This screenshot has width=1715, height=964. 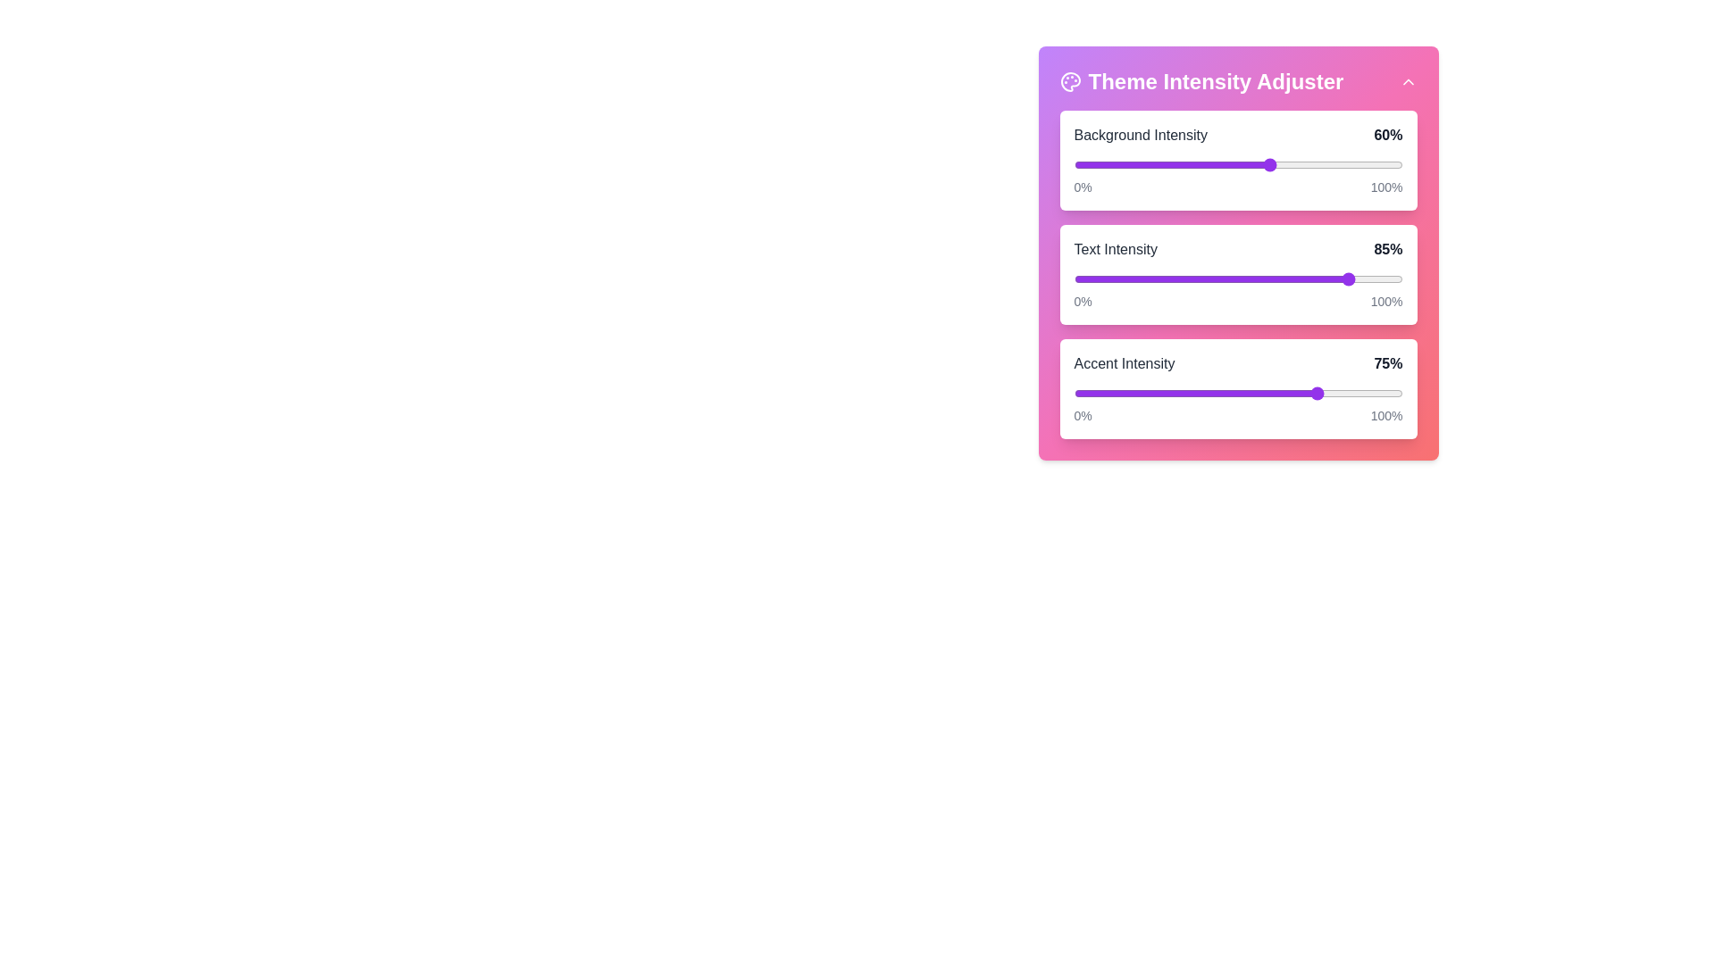 What do you see at coordinates (1169, 392) in the screenshot?
I see `the accent intensity` at bounding box center [1169, 392].